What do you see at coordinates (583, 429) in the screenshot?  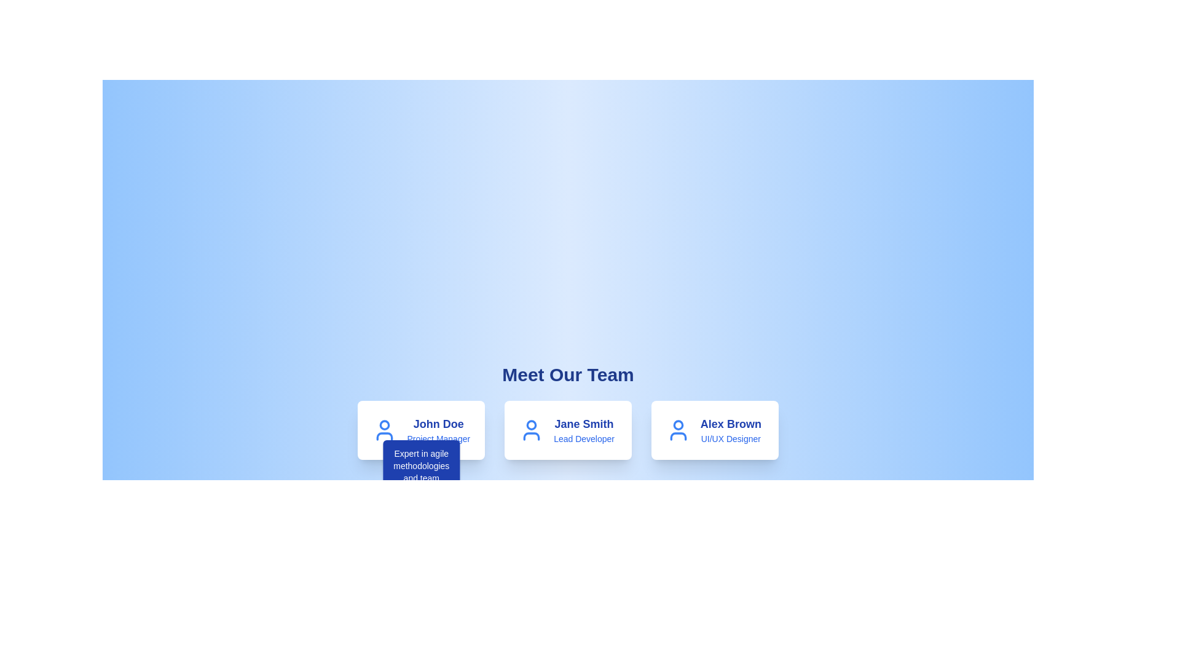 I see `the text block displaying 'Jane Smith' and 'Lead Developer', which is located in the second card under the heading 'Meet Our Team'` at bounding box center [583, 429].